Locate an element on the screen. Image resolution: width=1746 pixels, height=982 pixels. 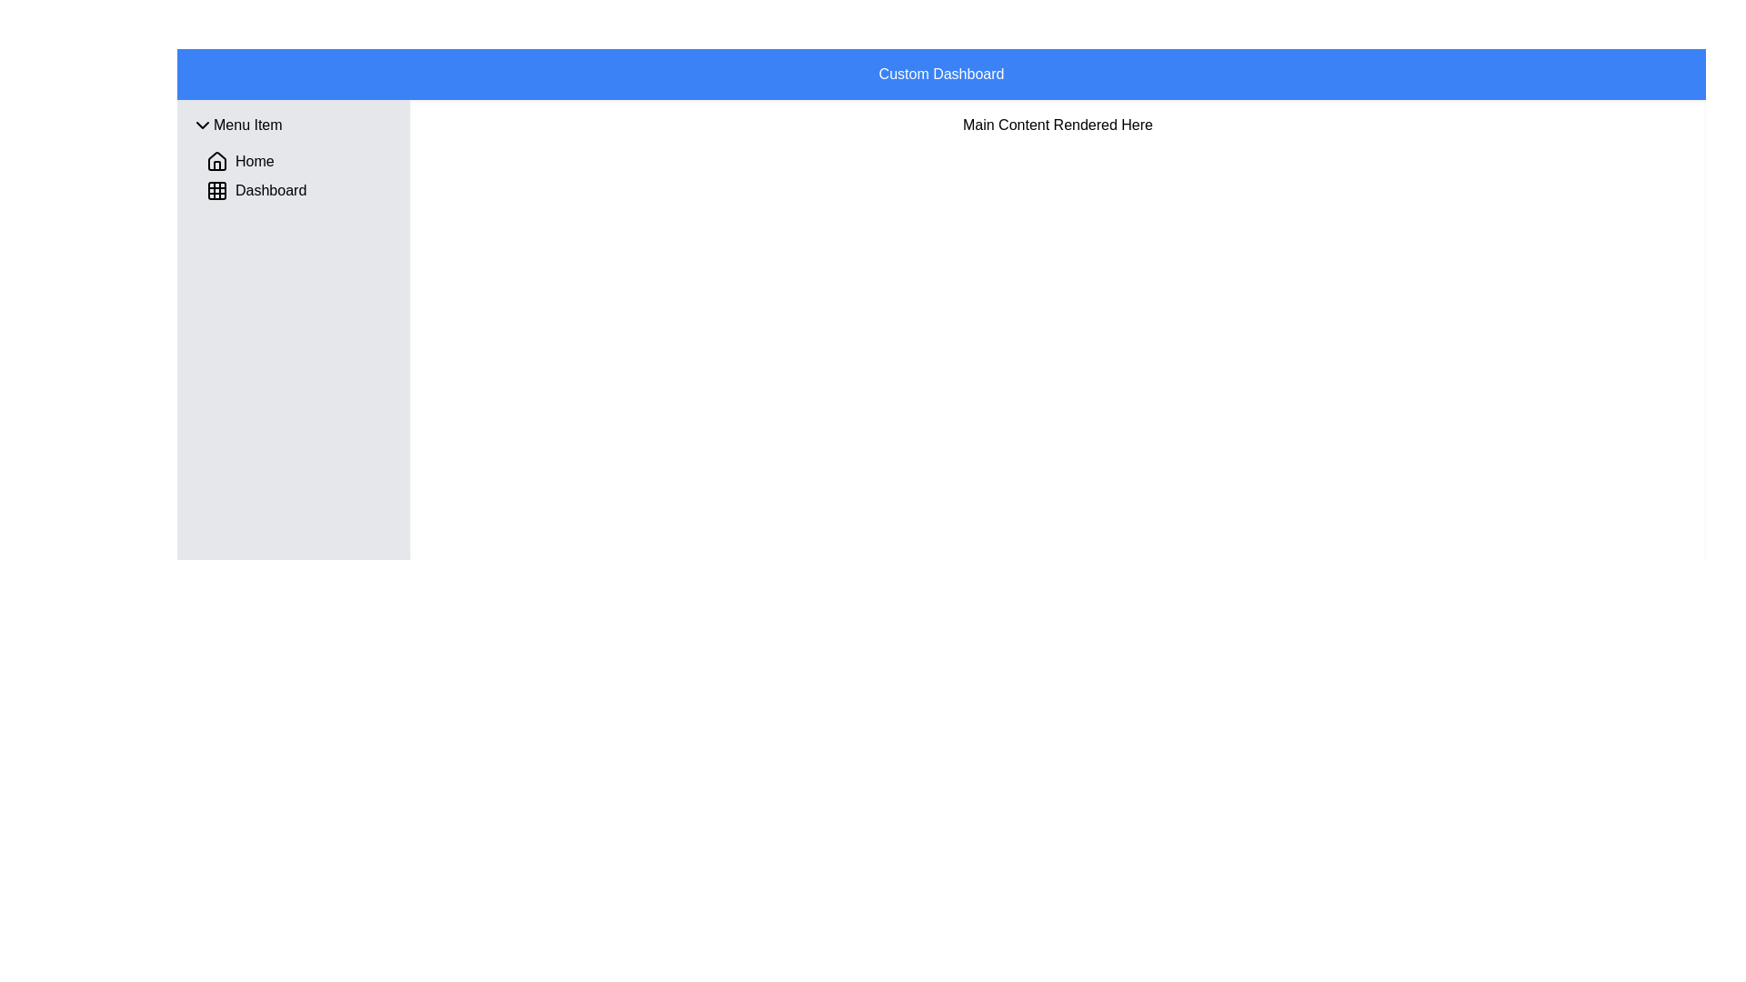
the small icon resembling a 3x3 grid of squares located next to the text 'Dashboard' in the left-side navigation menu is located at coordinates (217, 190).